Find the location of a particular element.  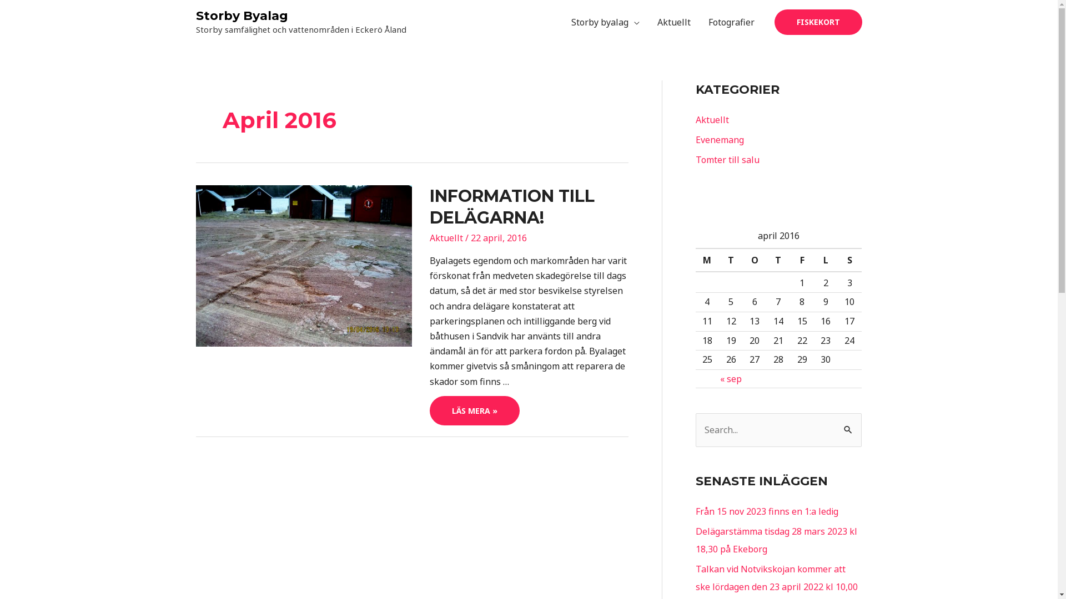

'FISKEKORT' is located at coordinates (818, 22).